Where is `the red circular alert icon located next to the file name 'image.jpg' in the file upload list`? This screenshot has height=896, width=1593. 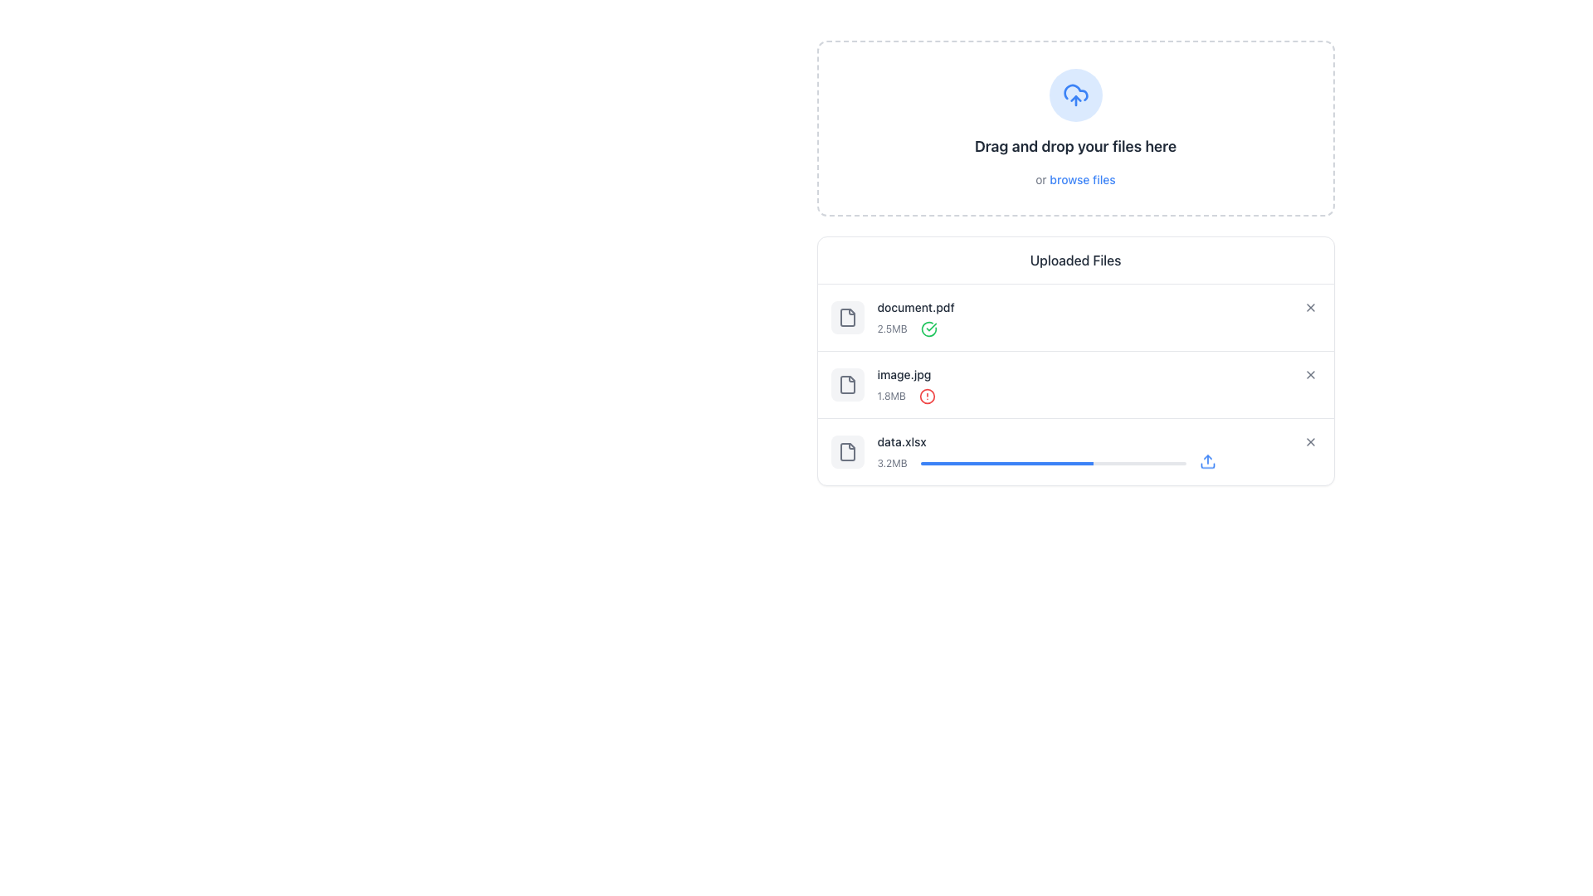 the red circular alert icon located next to the file name 'image.jpg' in the file upload list is located at coordinates (927, 397).